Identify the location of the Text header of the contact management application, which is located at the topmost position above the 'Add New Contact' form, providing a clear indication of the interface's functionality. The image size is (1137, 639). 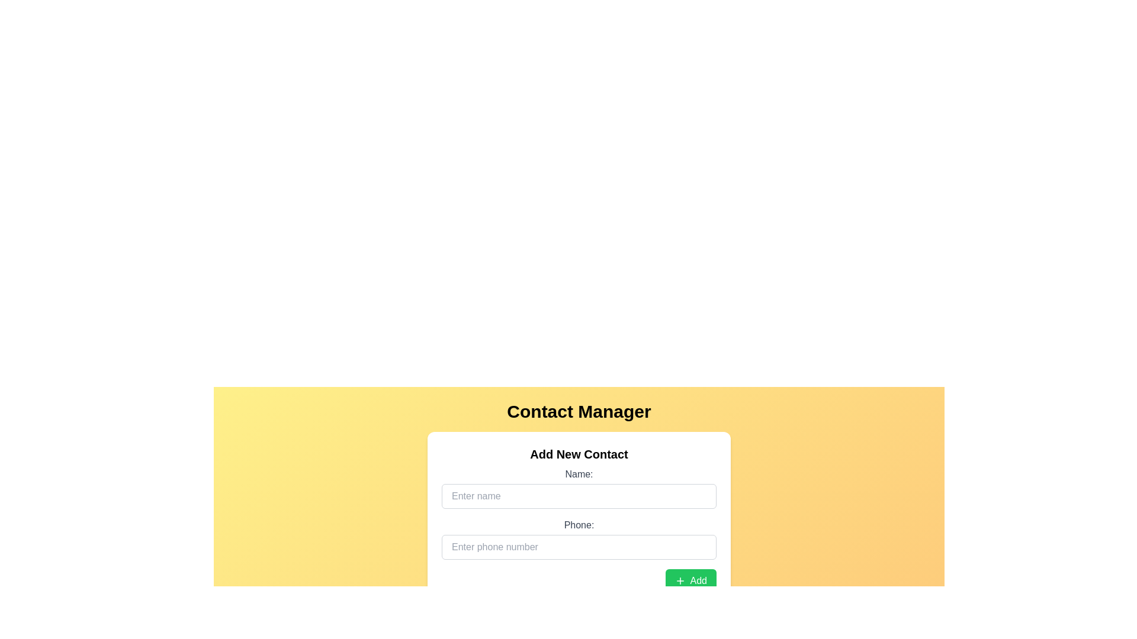
(579, 411).